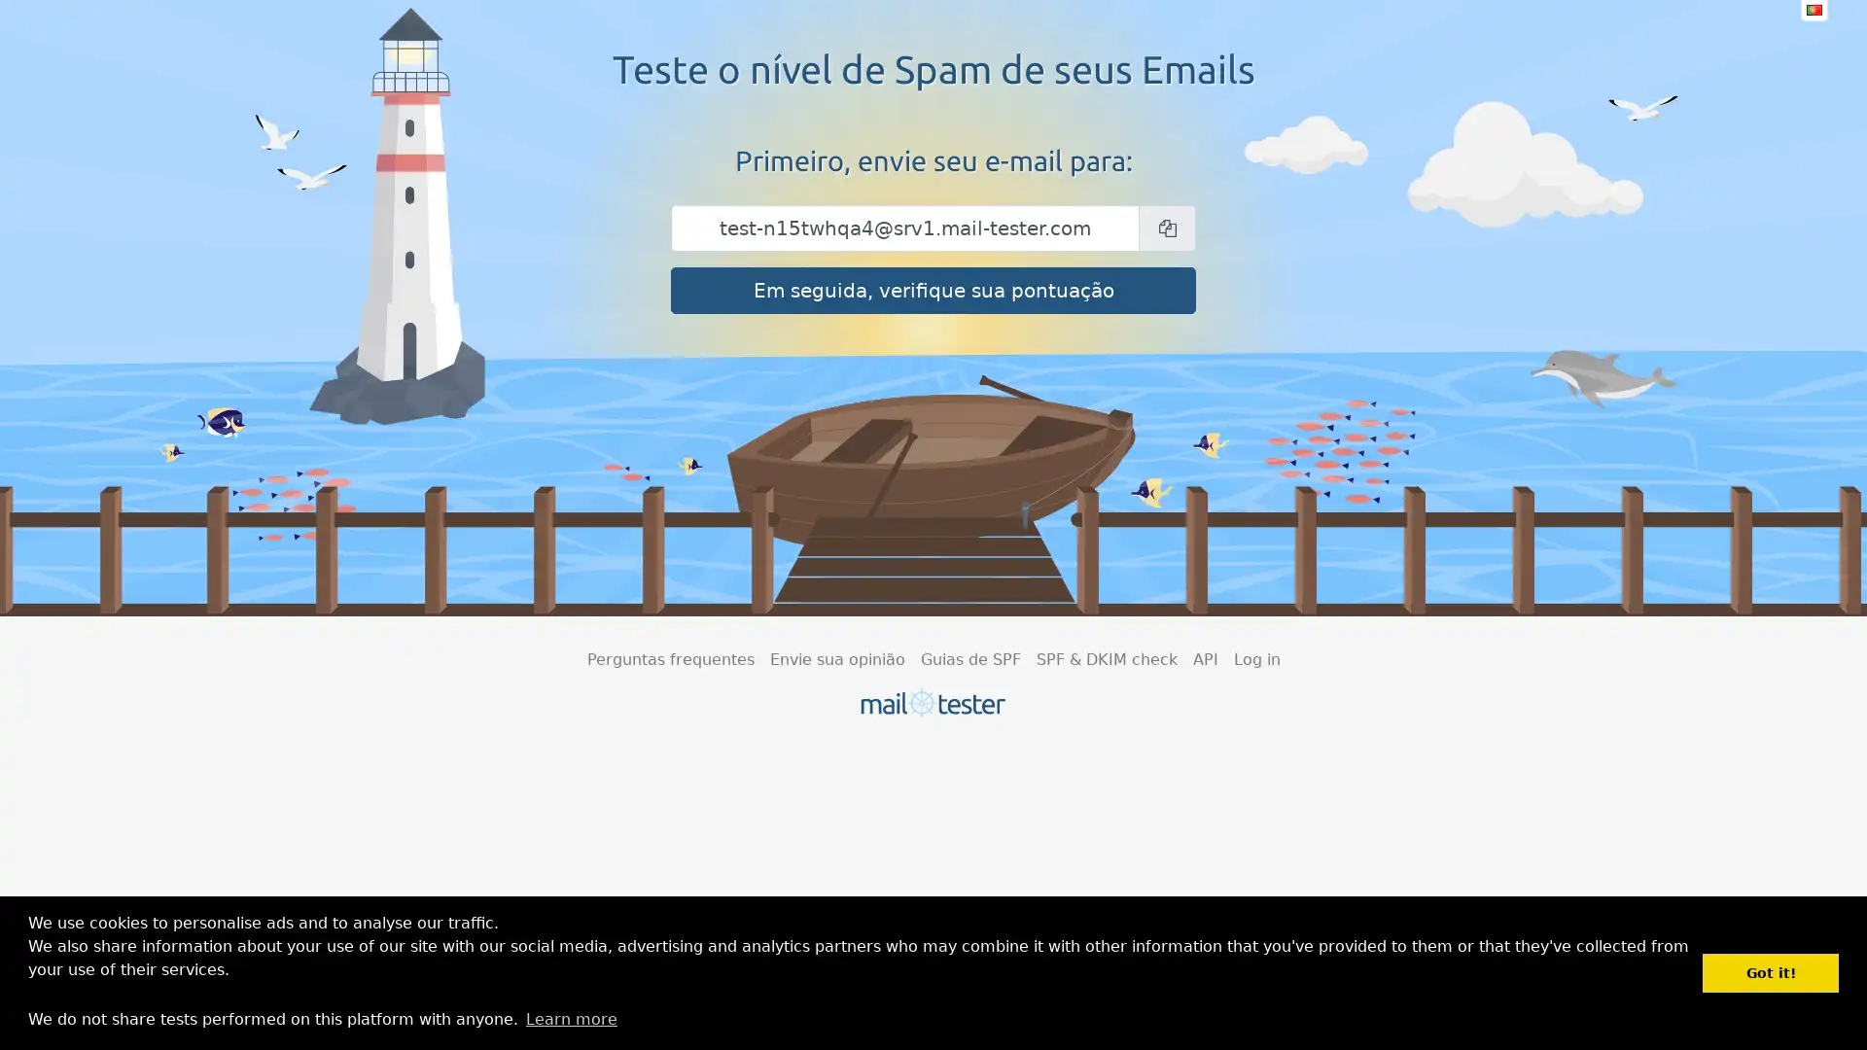 This screenshot has height=1050, width=1867. What do you see at coordinates (933, 291) in the screenshot?
I see `Em seguida, verifique sua pontuacao` at bounding box center [933, 291].